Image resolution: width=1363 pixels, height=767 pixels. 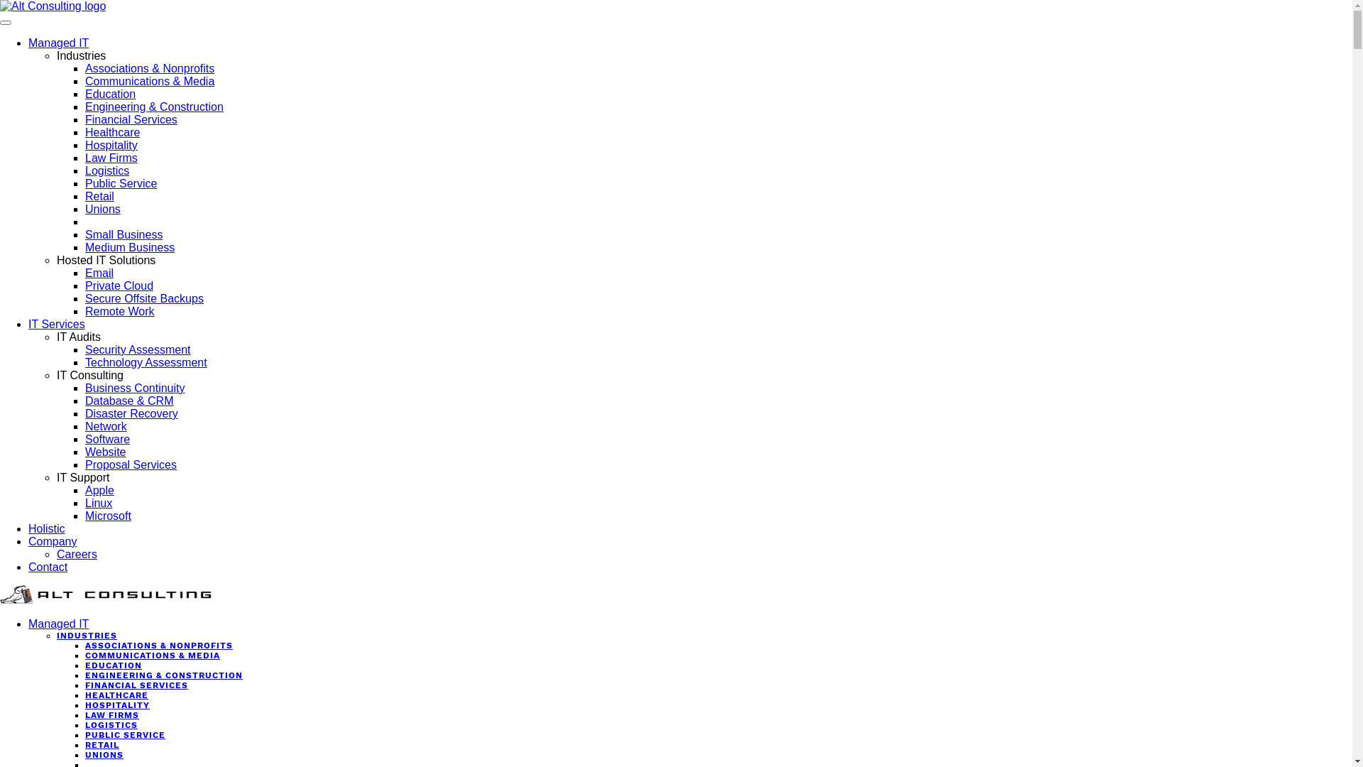 I want to click on 'COMMUNICATIONS & MEDIA', so click(x=153, y=655).